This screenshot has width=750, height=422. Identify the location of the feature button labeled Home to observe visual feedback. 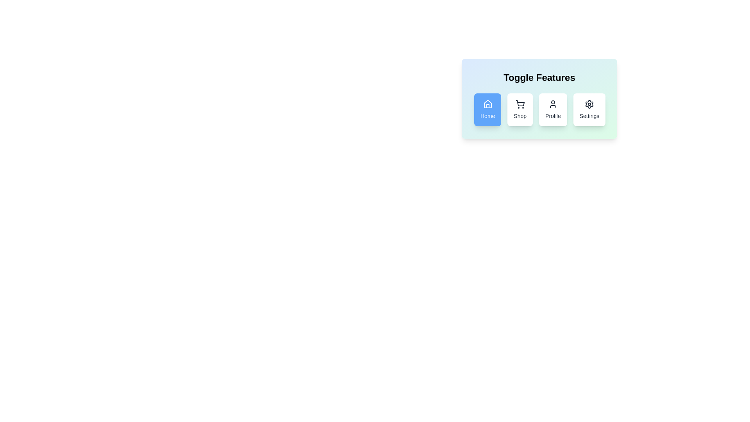
(487, 110).